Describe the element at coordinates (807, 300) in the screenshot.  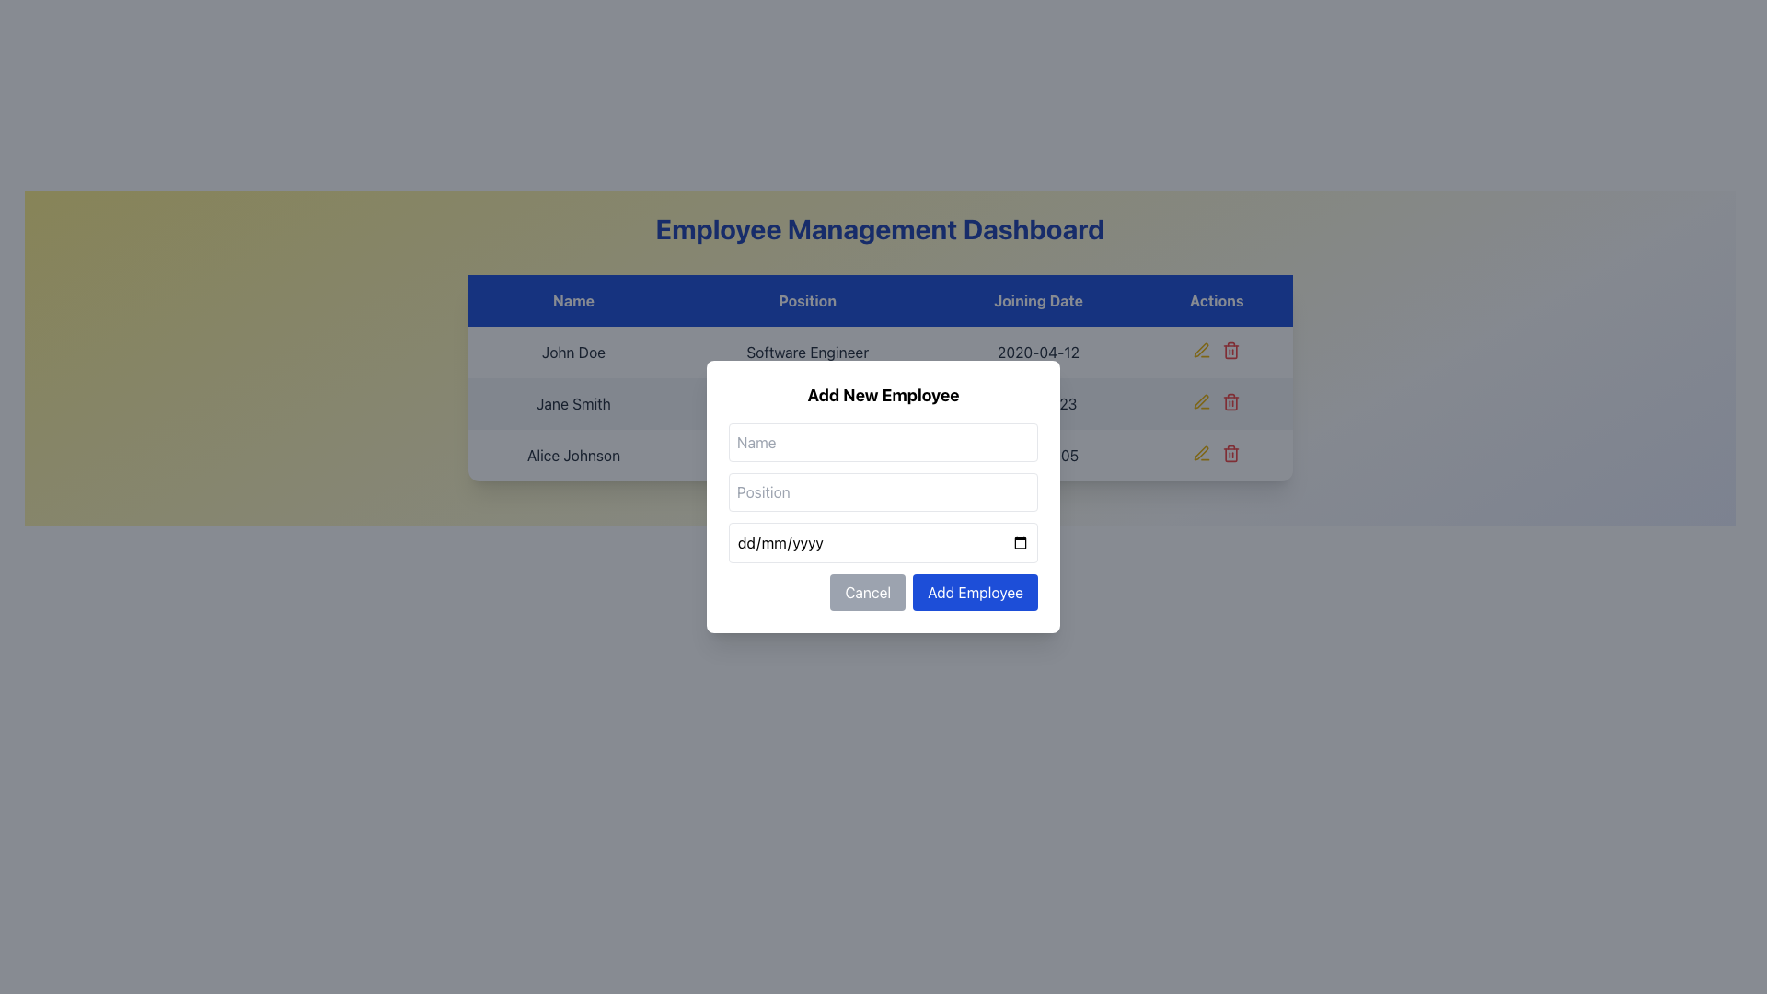
I see `the 'Position' column header in the table, which is the second header from the left, located between 'Name' and 'Joining Date'` at that location.